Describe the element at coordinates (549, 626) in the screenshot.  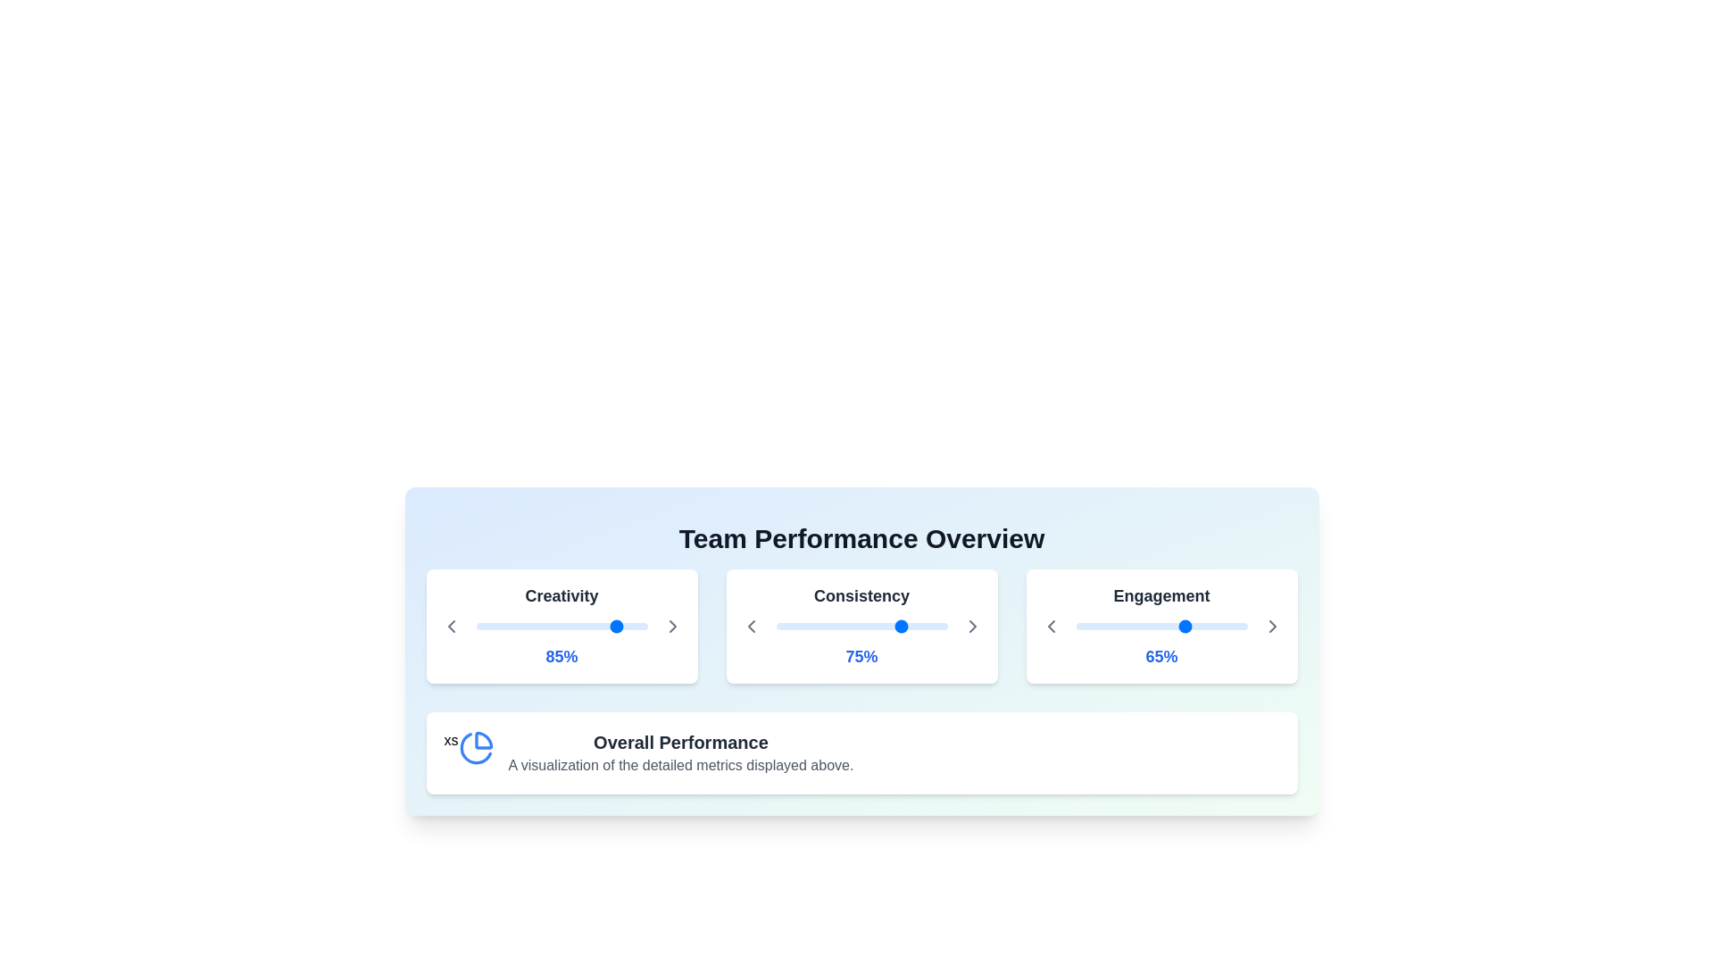
I see `Creativity level` at that location.